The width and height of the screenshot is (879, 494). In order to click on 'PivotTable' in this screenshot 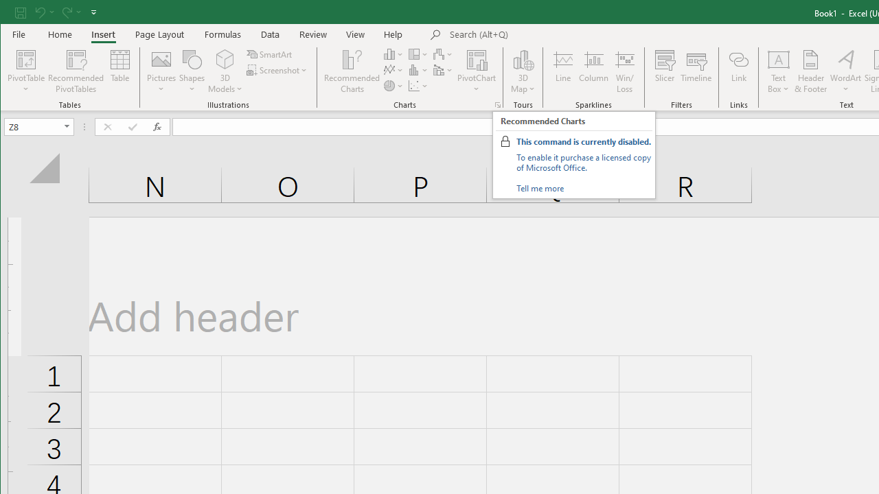, I will do `click(26, 58)`.